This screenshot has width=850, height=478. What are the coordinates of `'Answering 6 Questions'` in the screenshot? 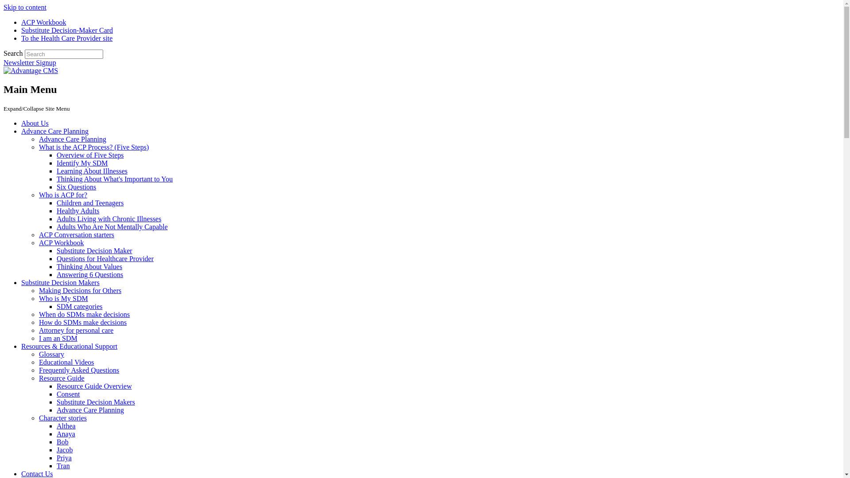 It's located at (89, 274).